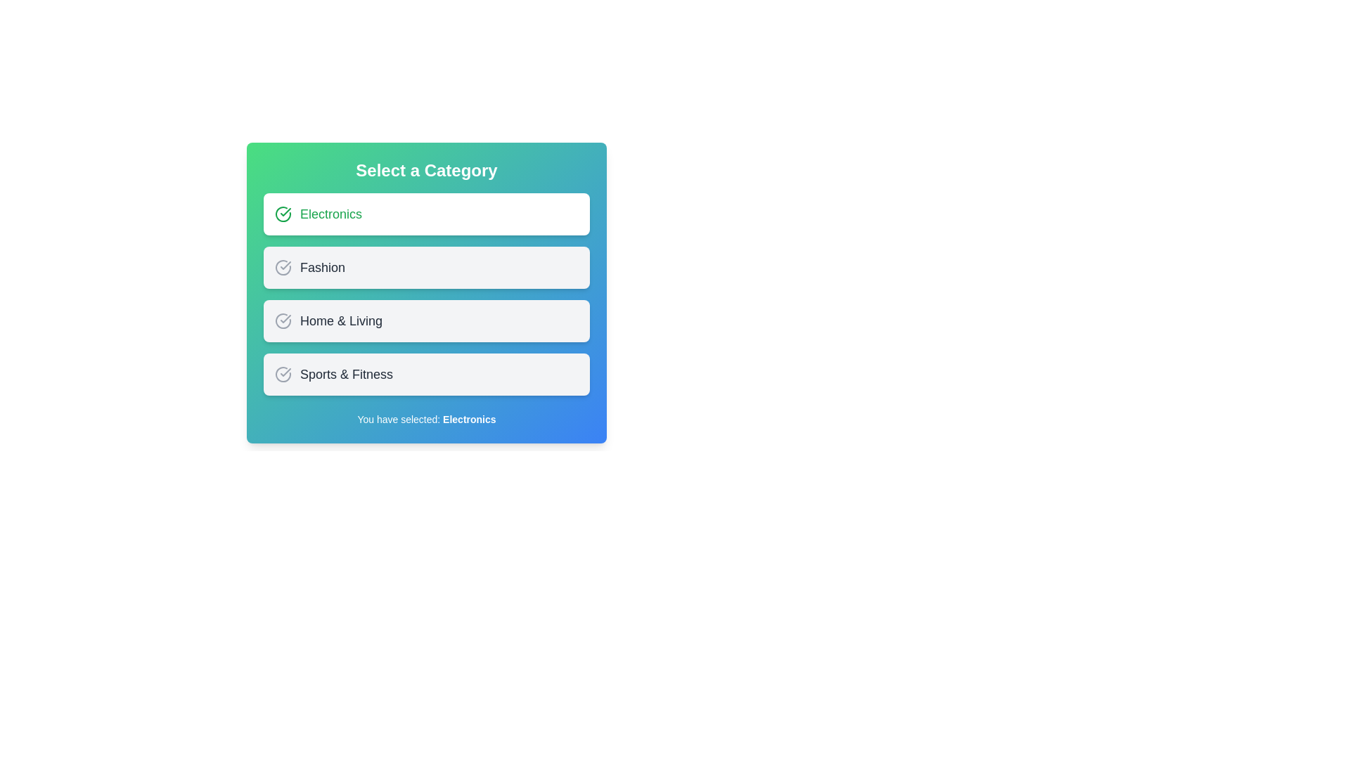 The width and height of the screenshot is (1350, 759). What do you see at coordinates (283, 373) in the screenshot?
I see `the unselected status icon for the 'Sports & Fitness' category, located in the fourth row of the category selection list` at bounding box center [283, 373].